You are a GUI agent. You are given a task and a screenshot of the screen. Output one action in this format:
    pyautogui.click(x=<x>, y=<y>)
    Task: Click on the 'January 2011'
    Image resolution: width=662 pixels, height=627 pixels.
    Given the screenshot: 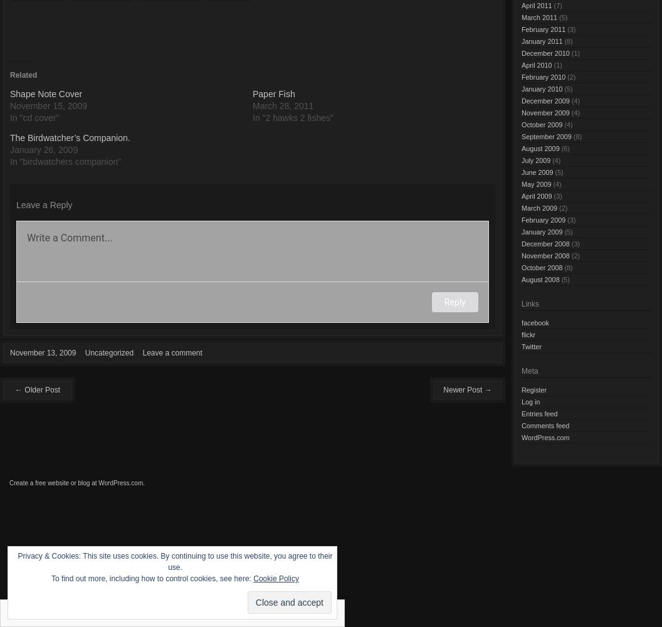 What is the action you would take?
    pyautogui.click(x=541, y=40)
    